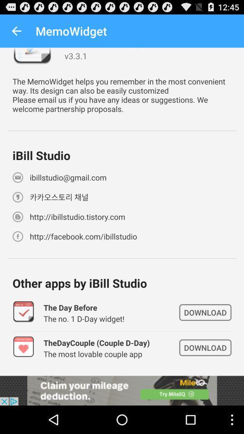  I want to click on advertisement, so click(122, 390).